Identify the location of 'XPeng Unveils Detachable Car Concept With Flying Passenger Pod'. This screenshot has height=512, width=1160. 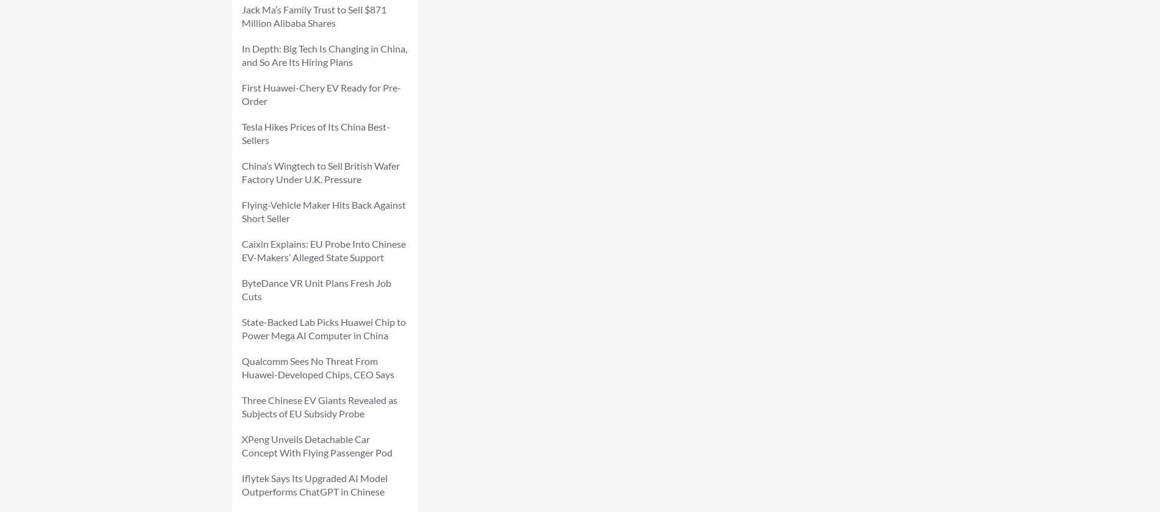
(241, 445).